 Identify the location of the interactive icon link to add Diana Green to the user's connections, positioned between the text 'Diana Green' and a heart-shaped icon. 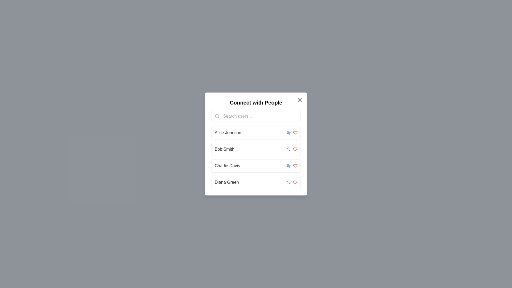
(289, 182).